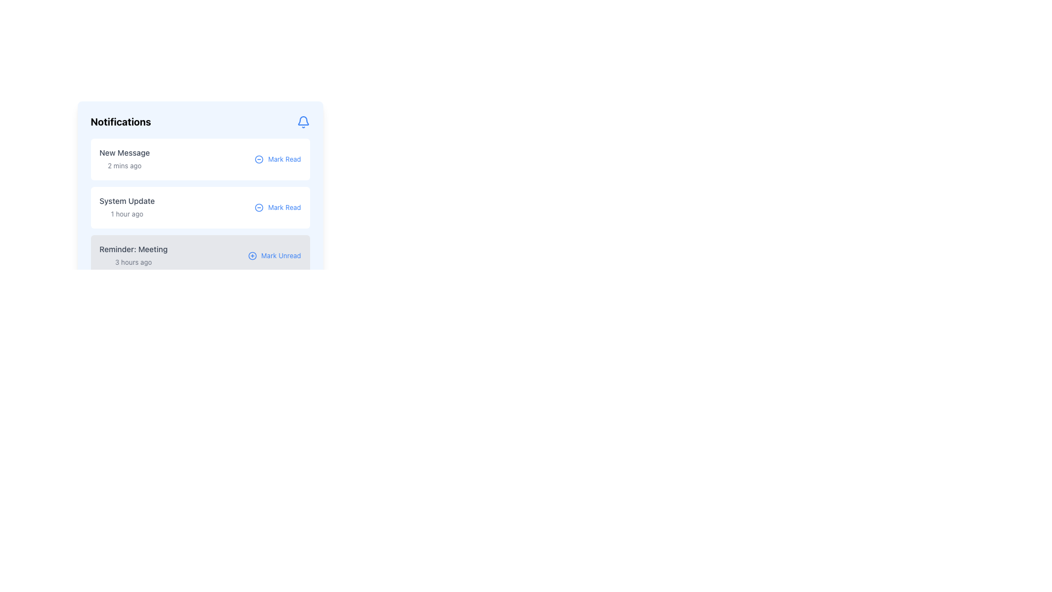 The image size is (1052, 592). What do you see at coordinates (127, 207) in the screenshot?
I see `notification title 'System Update' and the timestamp '1 hour ago' displayed in the Text element located in the left section of the middle notification card` at bounding box center [127, 207].